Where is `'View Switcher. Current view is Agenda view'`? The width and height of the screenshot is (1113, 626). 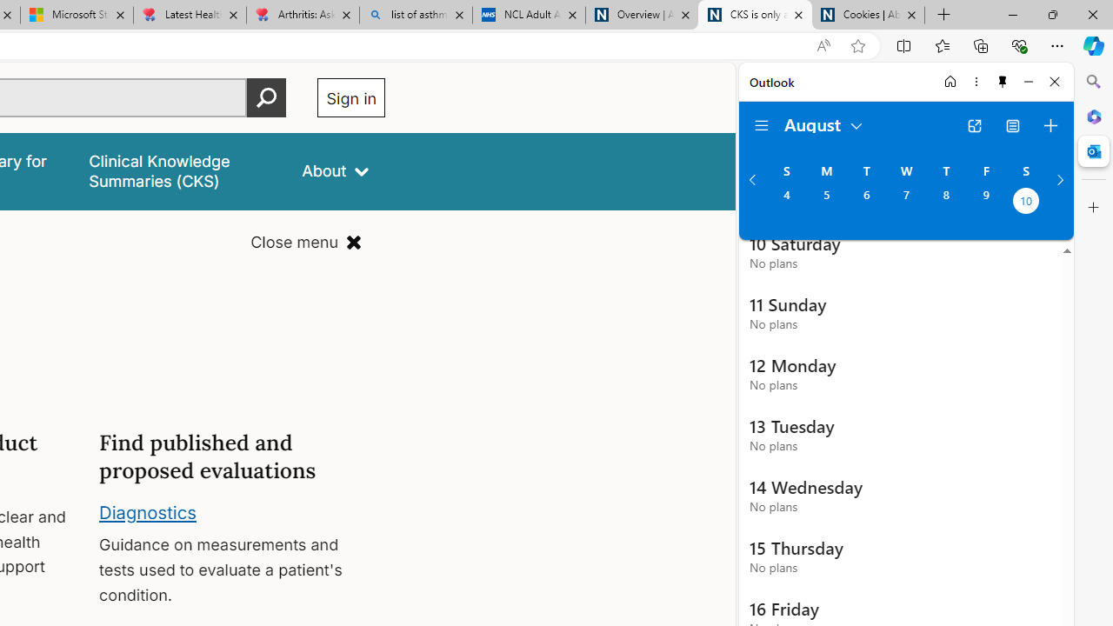
'View Switcher. Current view is Agenda view' is located at coordinates (1013, 125).